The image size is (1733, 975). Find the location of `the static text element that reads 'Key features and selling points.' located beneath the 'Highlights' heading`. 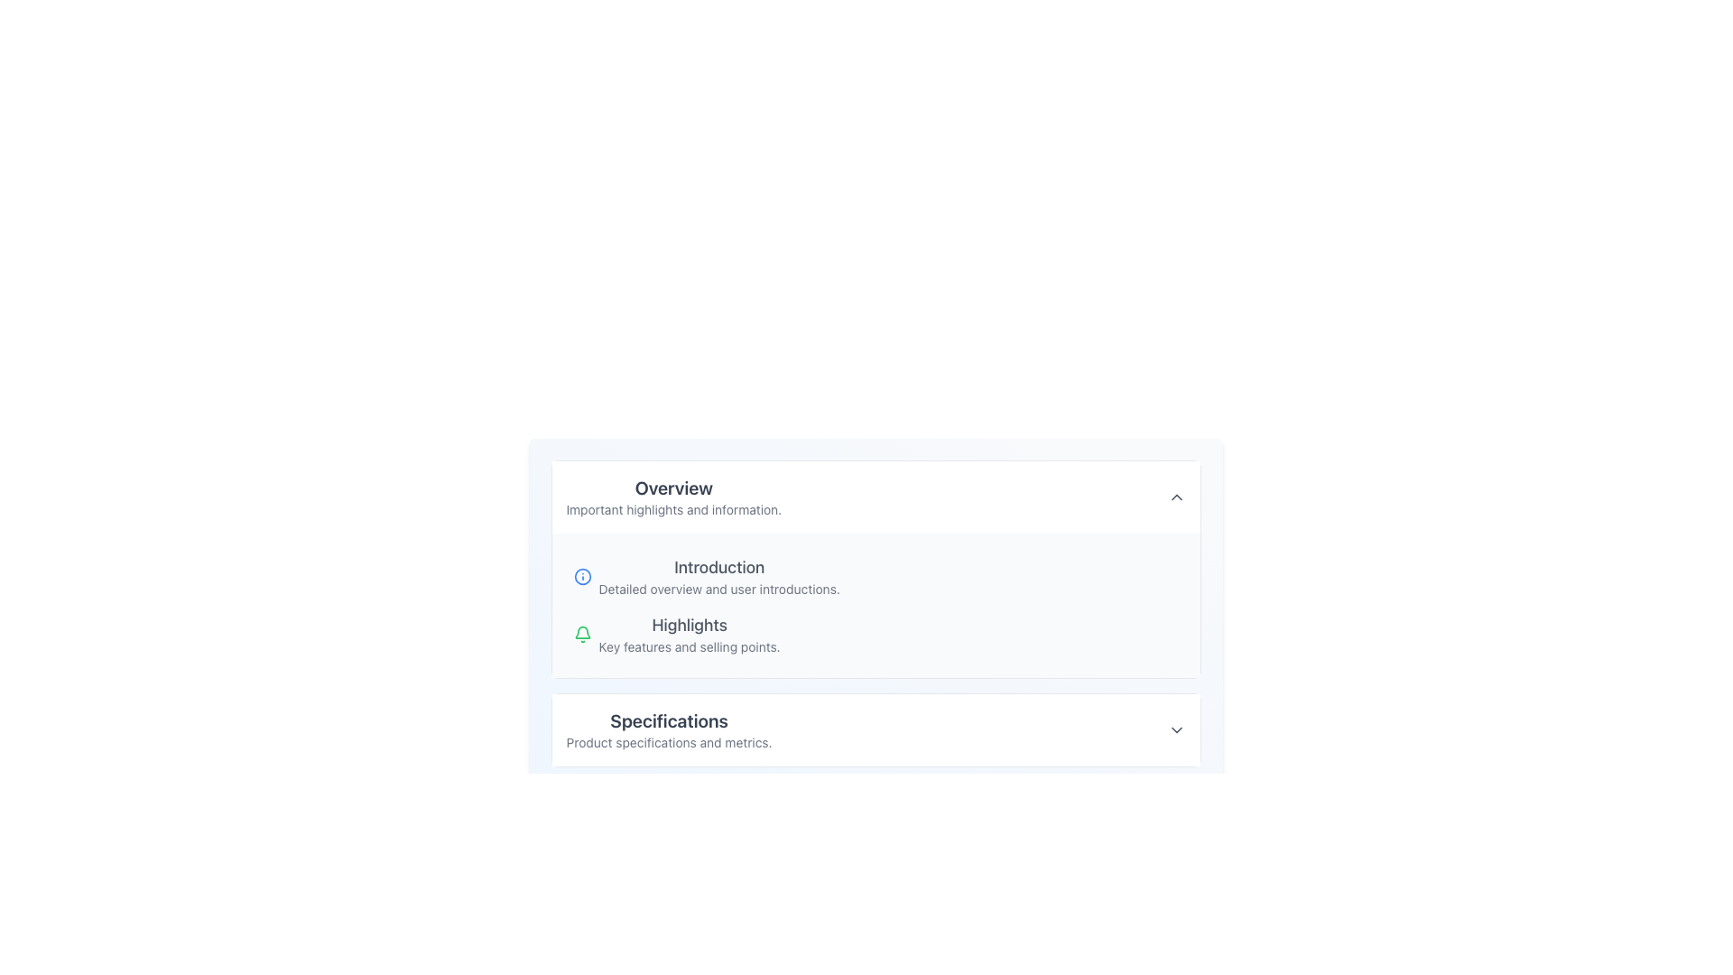

the static text element that reads 'Key features and selling points.' located beneath the 'Highlights' heading is located at coordinates (689, 646).